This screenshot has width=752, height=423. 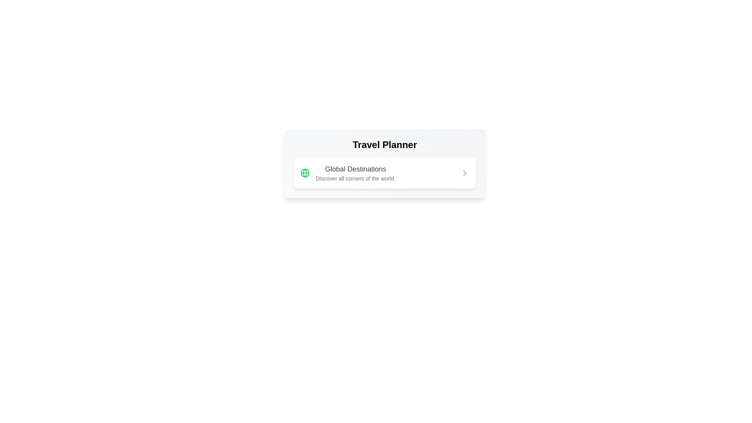 I want to click on the 'Travel Planner' text label which is prominently displayed in a bold, large font above other components in the card-like interface, so click(x=385, y=145).